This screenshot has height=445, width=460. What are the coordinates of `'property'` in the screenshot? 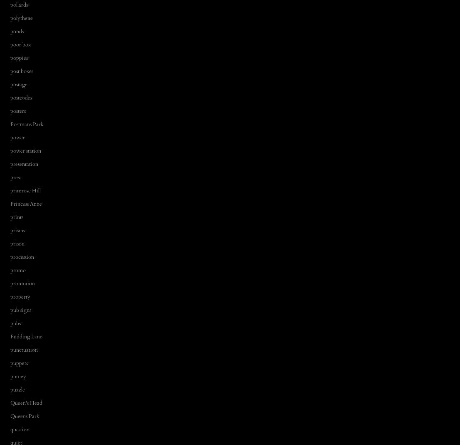 It's located at (10, 297).